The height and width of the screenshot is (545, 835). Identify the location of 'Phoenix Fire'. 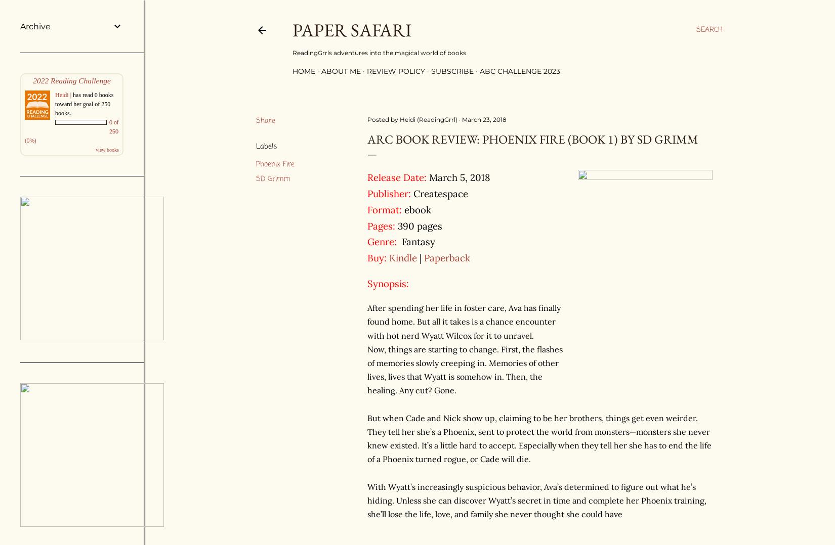
(275, 164).